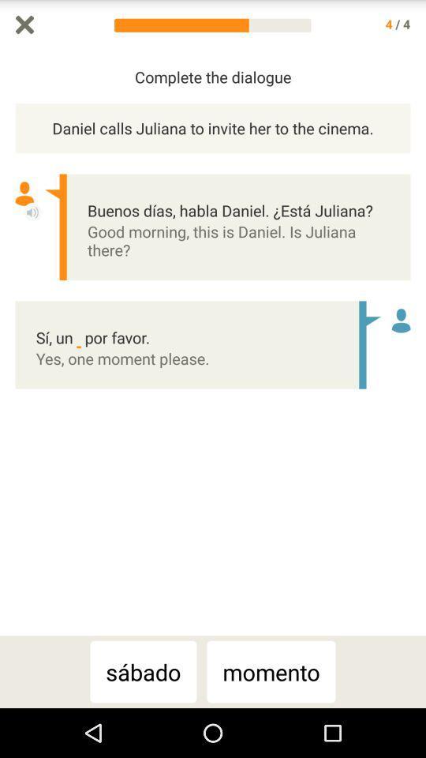 The width and height of the screenshot is (426, 758). I want to click on item below the 4 app, so click(418, 343).